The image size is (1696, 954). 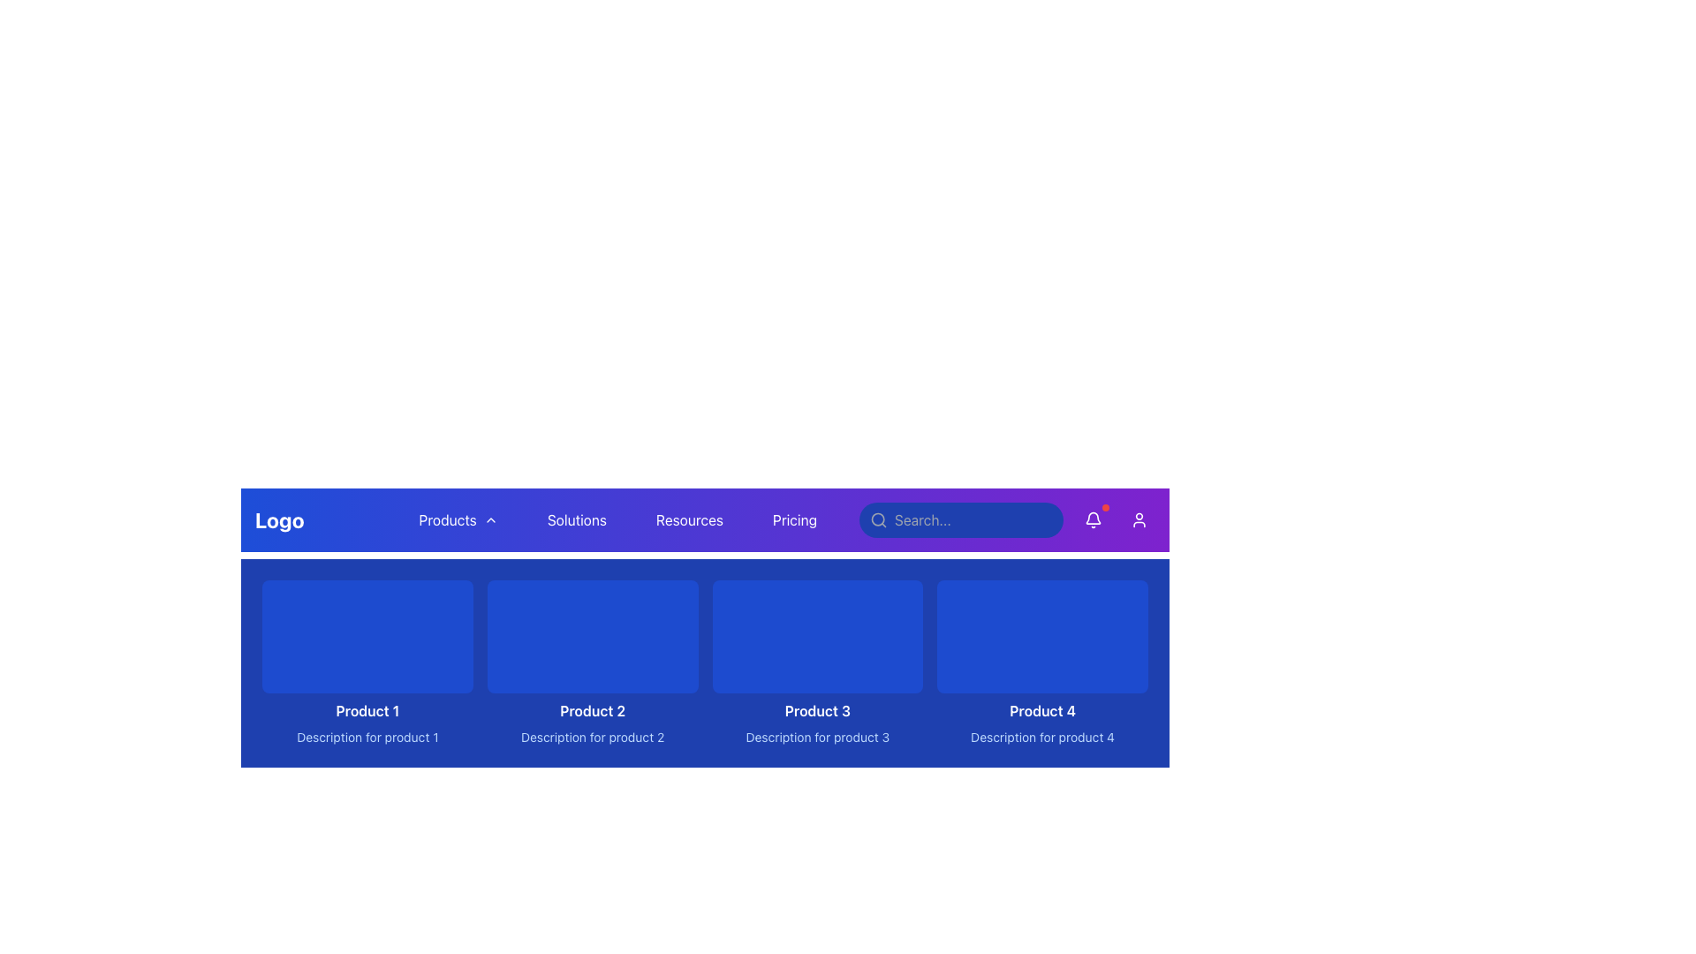 What do you see at coordinates (577, 519) in the screenshot?
I see `the text label displaying 'Solutions' in the navigation bar to change its background color to blue` at bounding box center [577, 519].